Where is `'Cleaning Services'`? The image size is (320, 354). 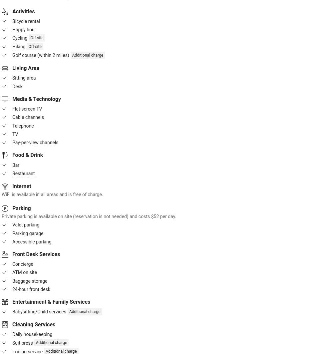 'Cleaning Services' is located at coordinates (34, 324).